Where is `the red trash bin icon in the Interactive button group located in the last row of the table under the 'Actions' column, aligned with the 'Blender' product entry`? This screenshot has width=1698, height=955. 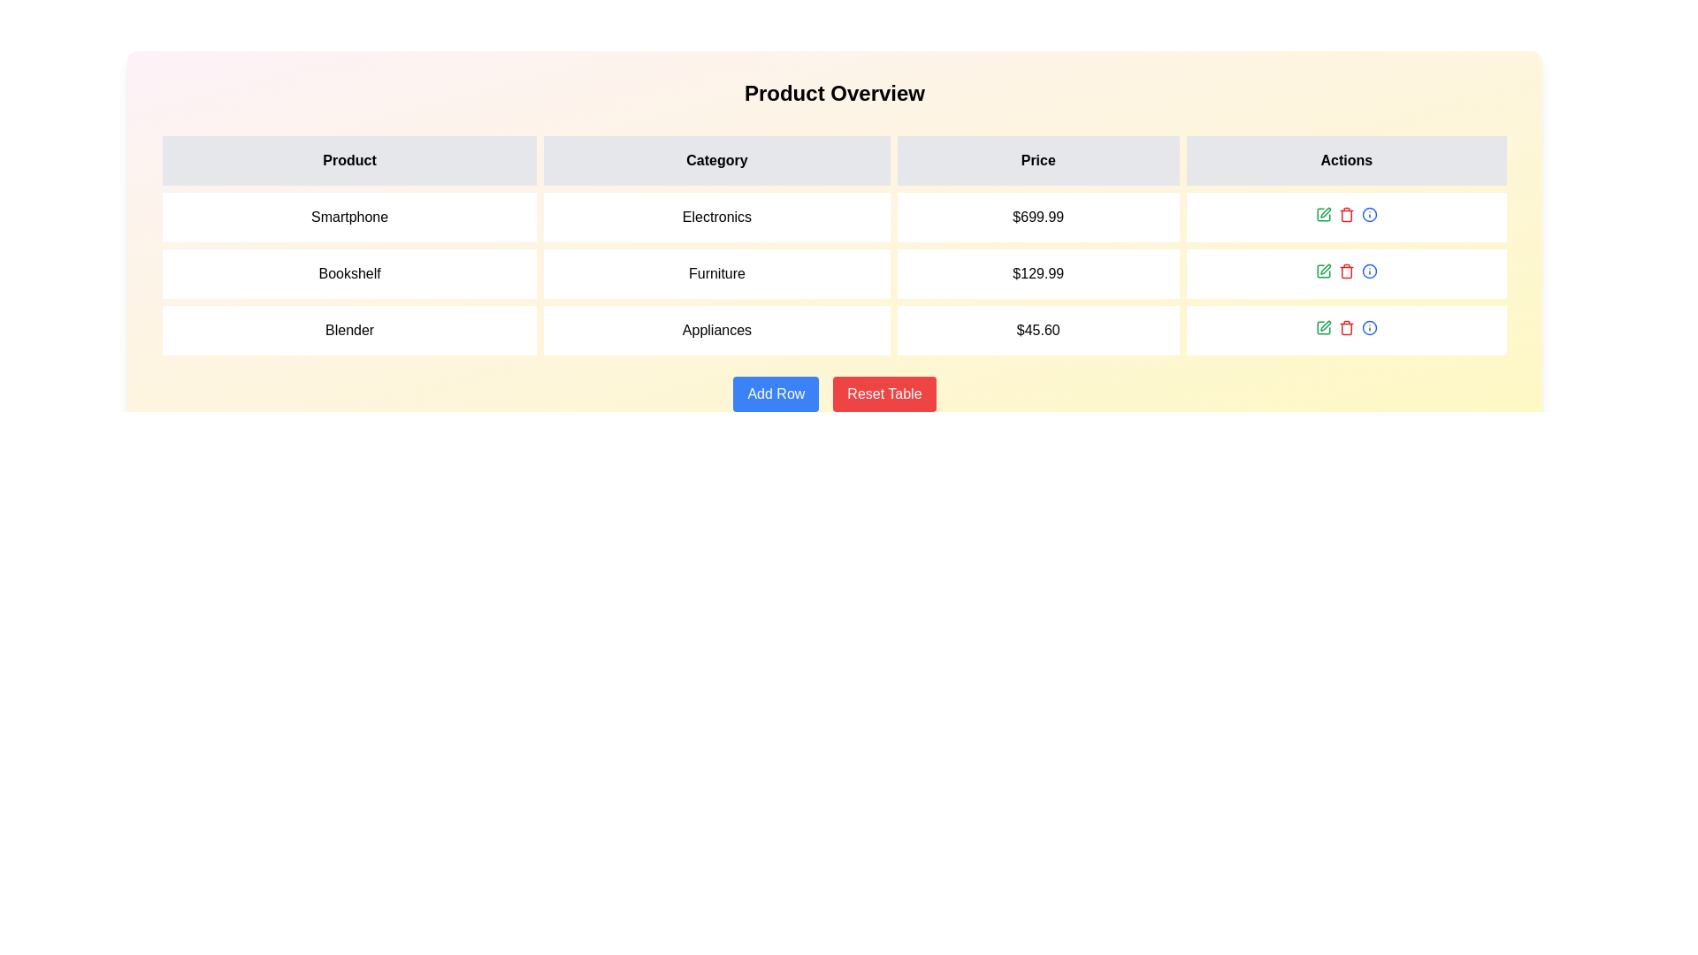 the red trash bin icon in the Interactive button group located in the last row of the table under the 'Actions' column, aligned with the 'Blender' product entry is located at coordinates (1345, 327).